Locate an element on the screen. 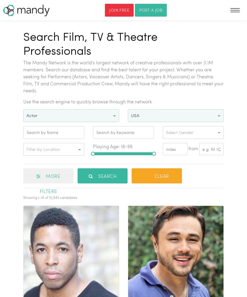  'candidates' is located at coordinates (68, 197).